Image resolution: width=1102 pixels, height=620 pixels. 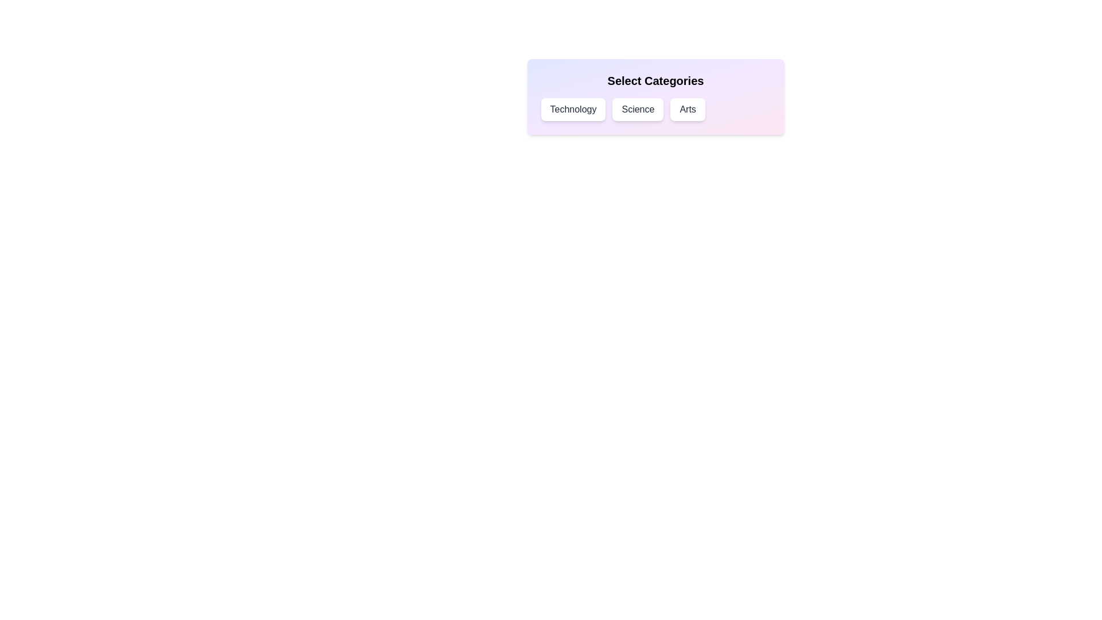 What do you see at coordinates (688, 110) in the screenshot?
I see `the Arts chip to toggle its selection state` at bounding box center [688, 110].